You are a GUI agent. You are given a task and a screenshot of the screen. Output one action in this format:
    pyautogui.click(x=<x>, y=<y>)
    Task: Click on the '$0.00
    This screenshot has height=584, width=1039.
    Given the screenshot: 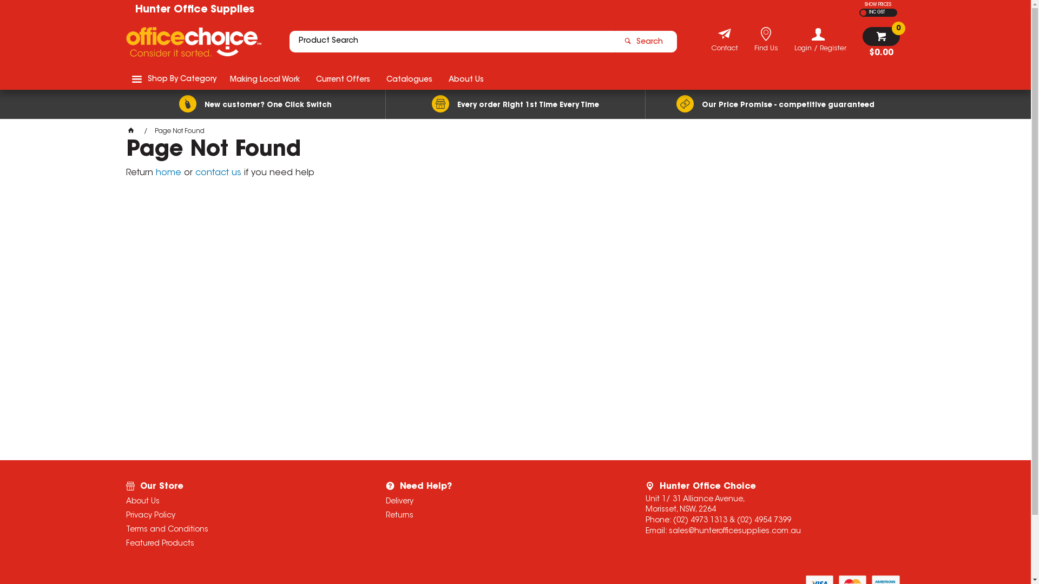 What is the action you would take?
    pyautogui.click(x=862, y=42)
    